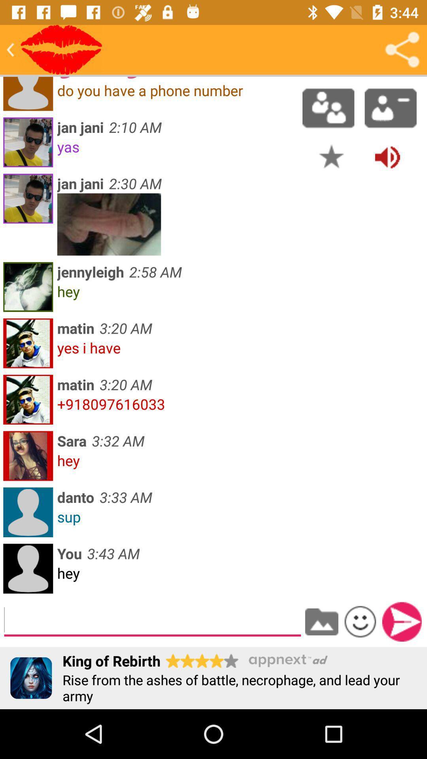  I want to click on type message, so click(152, 620).